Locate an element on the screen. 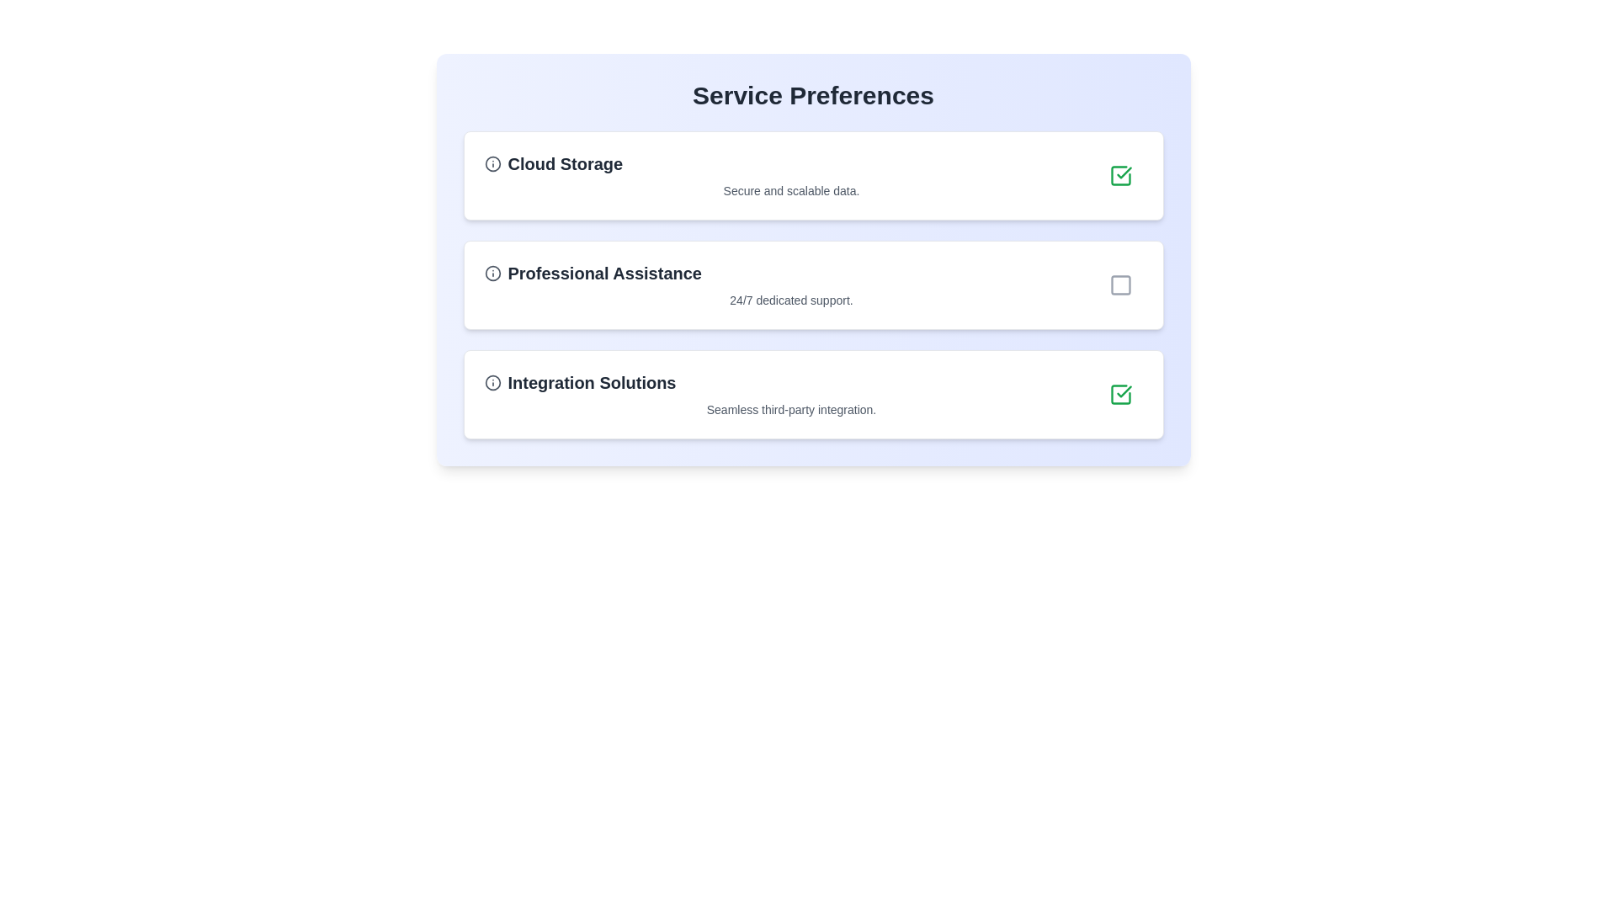  the state indication of the 'Cloud Storage' checkbox icon, which visually represents the selected state within the service preferences list is located at coordinates (1124, 391).